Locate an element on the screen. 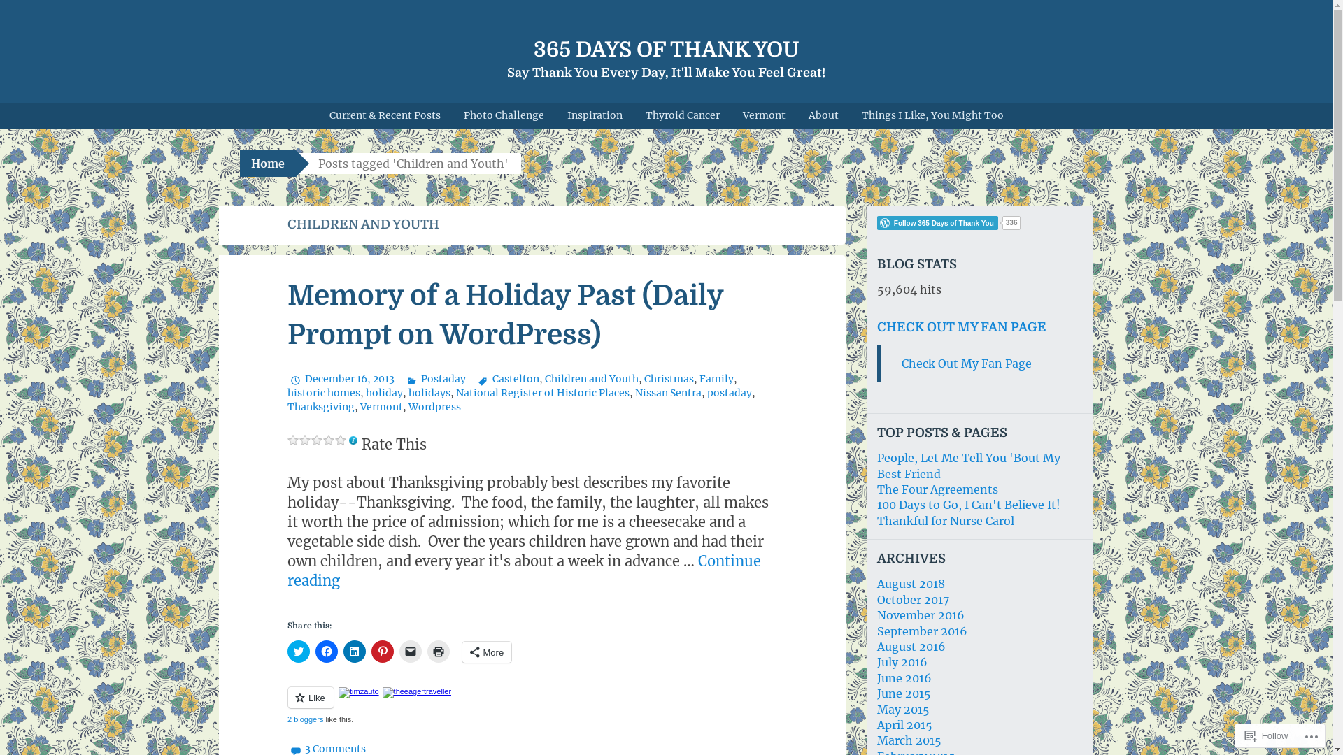 Image resolution: width=1343 pixels, height=755 pixels. 'Click to print (Opens in new window)' is located at coordinates (436, 652).